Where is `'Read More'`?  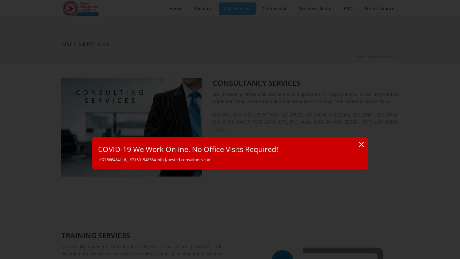
'Read More' is located at coordinates (242, 147).